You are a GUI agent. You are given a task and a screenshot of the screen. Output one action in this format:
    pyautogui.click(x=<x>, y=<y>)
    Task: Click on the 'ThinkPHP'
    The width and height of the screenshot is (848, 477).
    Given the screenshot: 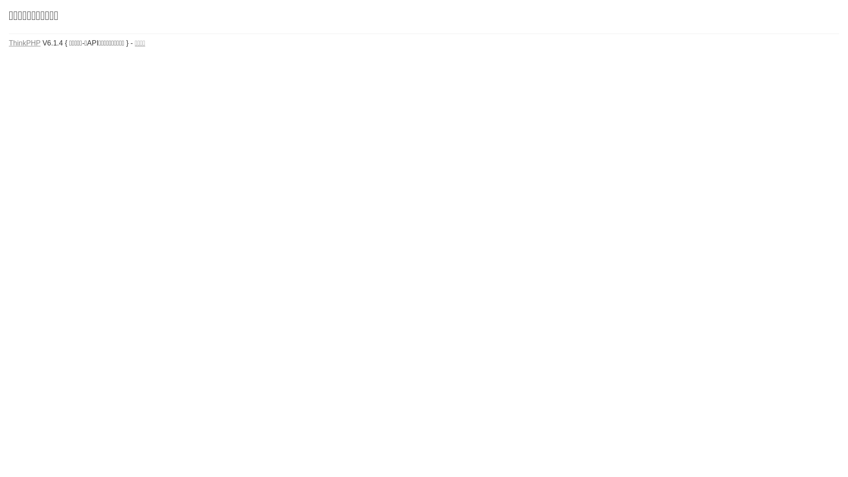 What is the action you would take?
    pyautogui.click(x=25, y=43)
    